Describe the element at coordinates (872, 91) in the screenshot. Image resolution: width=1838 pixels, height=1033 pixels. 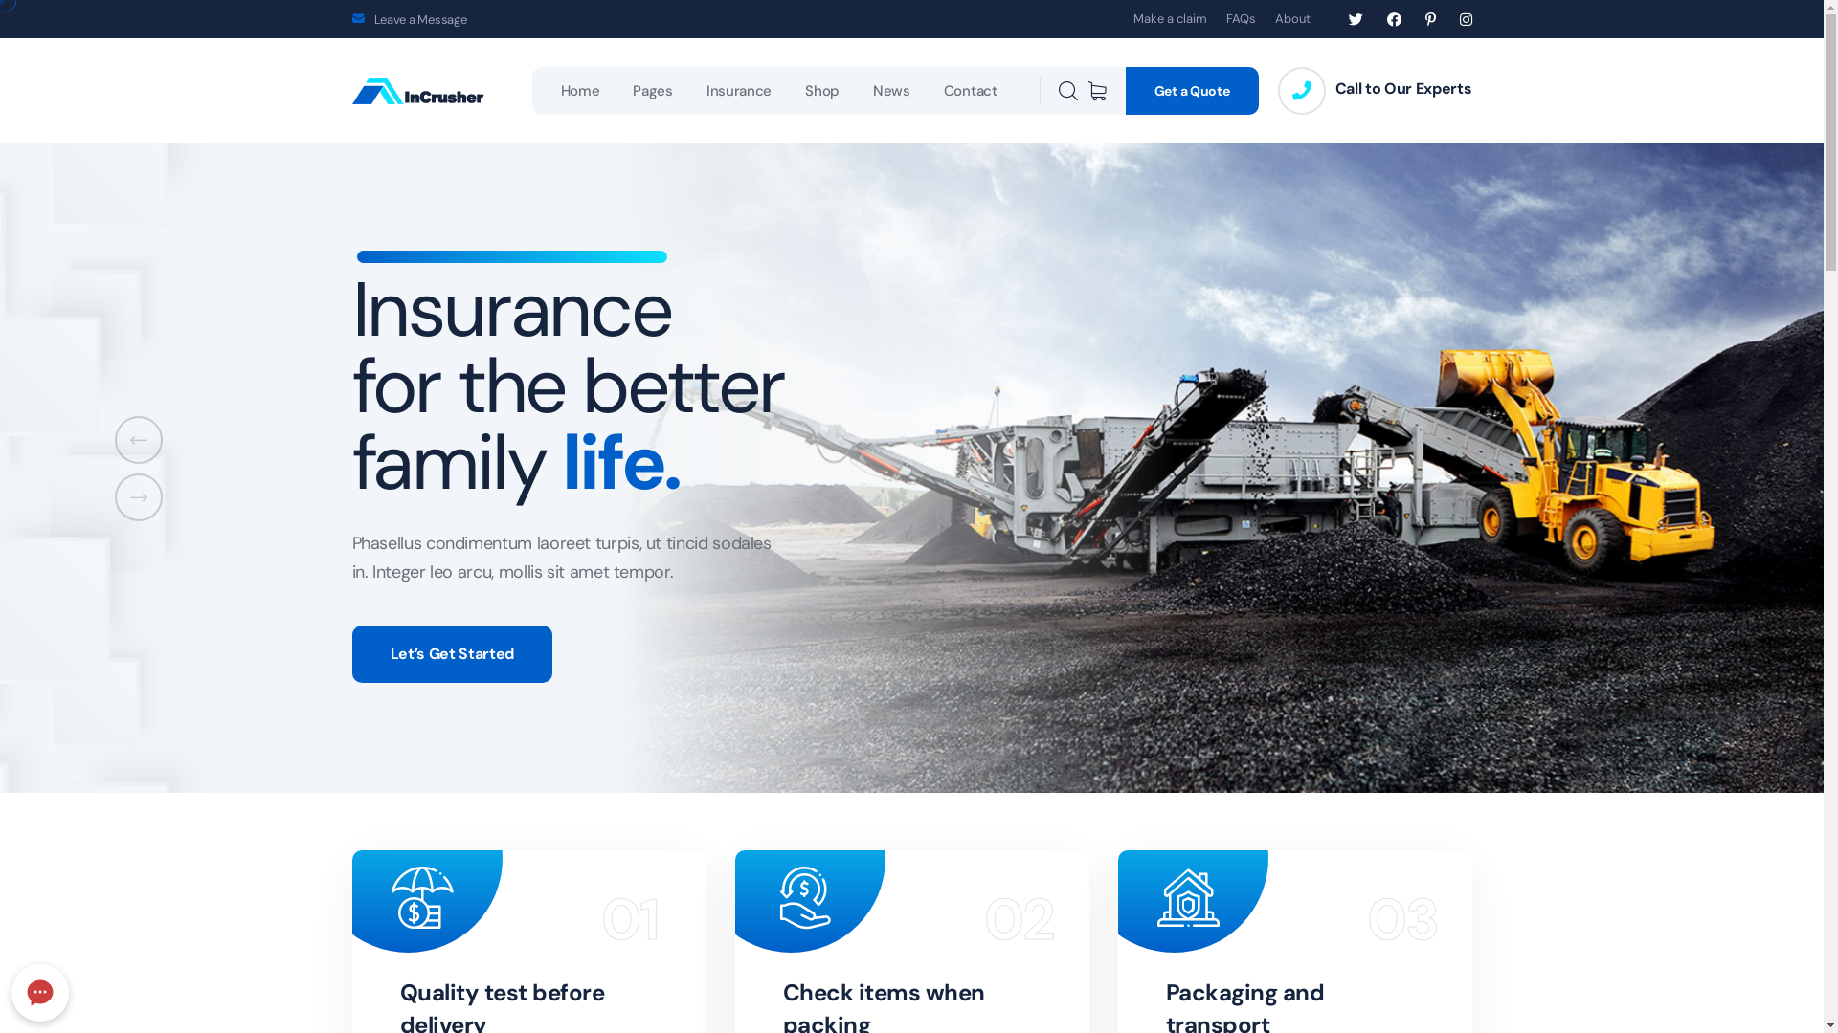
I see `'News'` at that location.